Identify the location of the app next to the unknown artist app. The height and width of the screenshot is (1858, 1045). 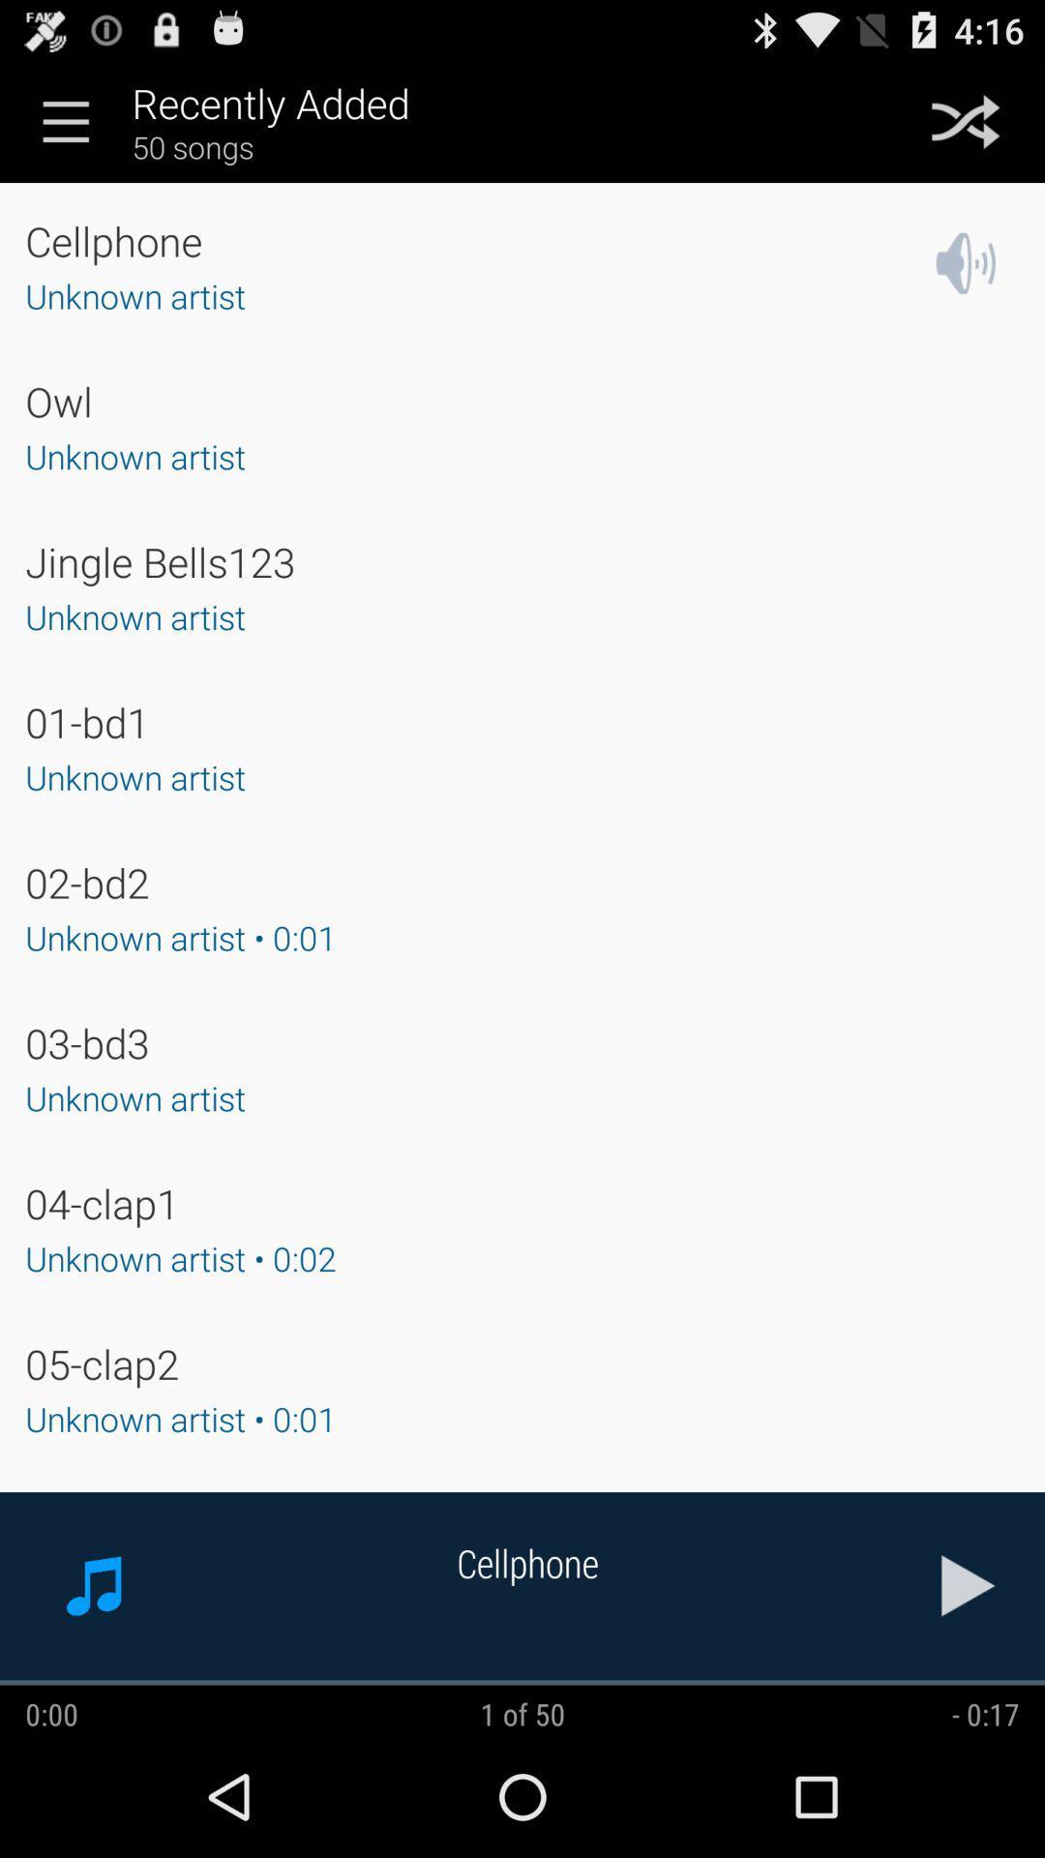
(966, 262).